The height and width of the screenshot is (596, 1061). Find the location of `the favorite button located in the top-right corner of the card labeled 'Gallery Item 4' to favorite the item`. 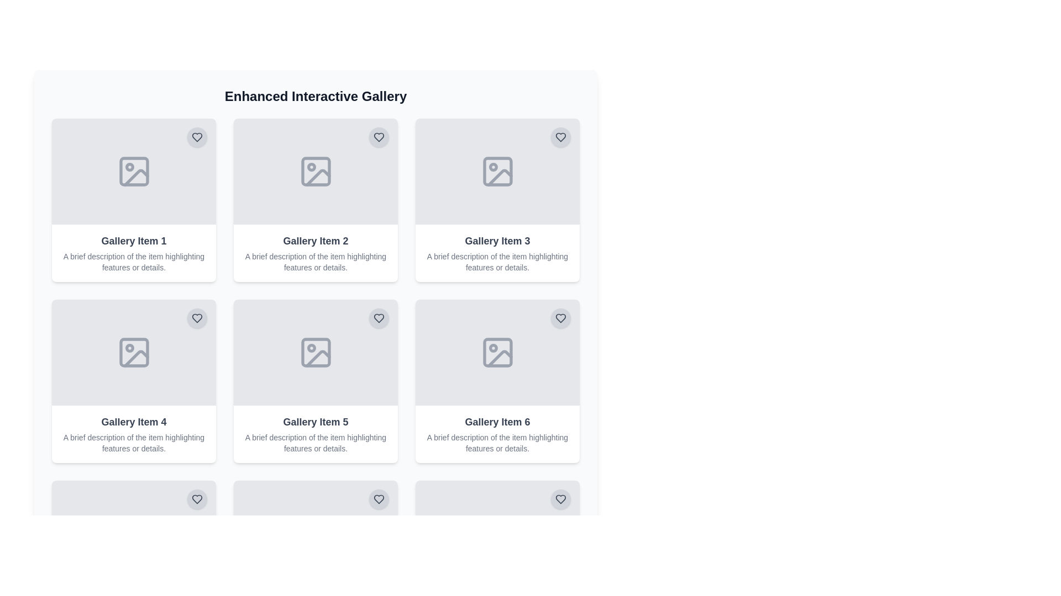

the favorite button located in the top-right corner of the card labeled 'Gallery Item 4' to favorite the item is located at coordinates (197, 318).